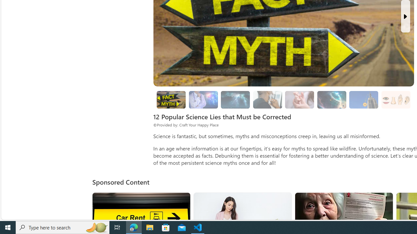 The height and width of the screenshot is (234, 417). I want to click on 'Lightning Myths', so click(235, 100).